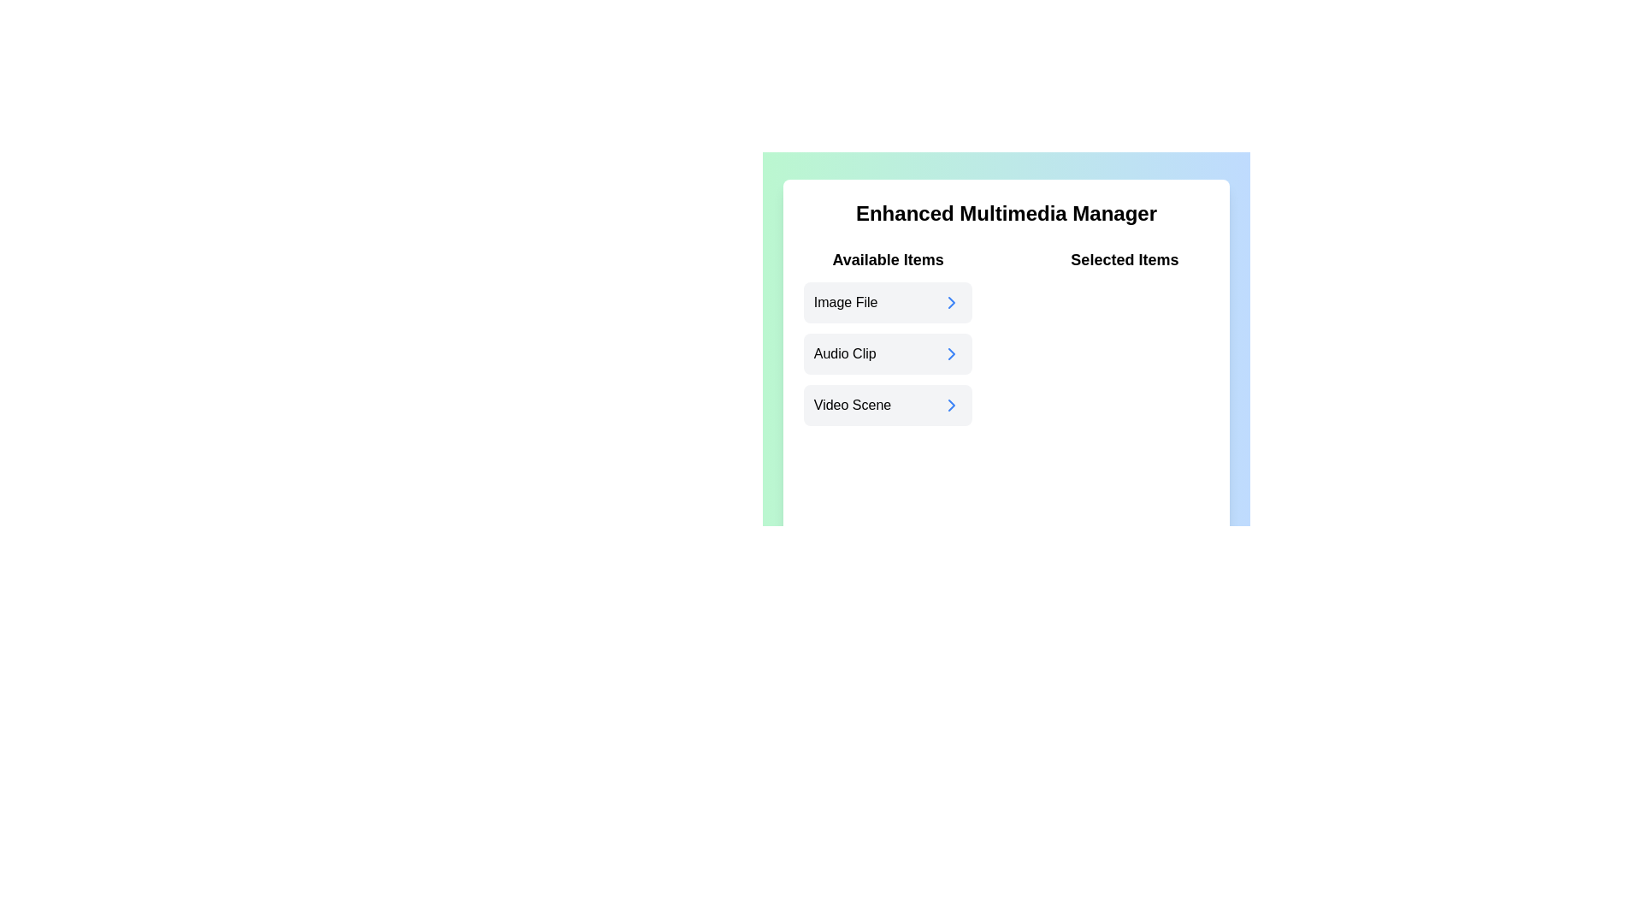 Image resolution: width=1642 pixels, height=924 pixels. I want to click on label of the text element indicating 'Video Scene', which is the label for the third button under the 'Available Items' section in the 'Enhanced Multimedia Manager', so click(853, 406).